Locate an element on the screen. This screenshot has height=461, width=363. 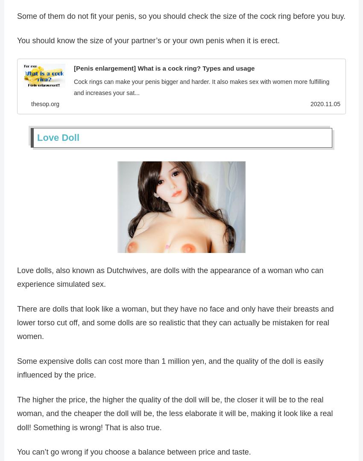
'You should know the size of your partner’s or your own penis when it is erect.' is located at coordinates (148, 41).